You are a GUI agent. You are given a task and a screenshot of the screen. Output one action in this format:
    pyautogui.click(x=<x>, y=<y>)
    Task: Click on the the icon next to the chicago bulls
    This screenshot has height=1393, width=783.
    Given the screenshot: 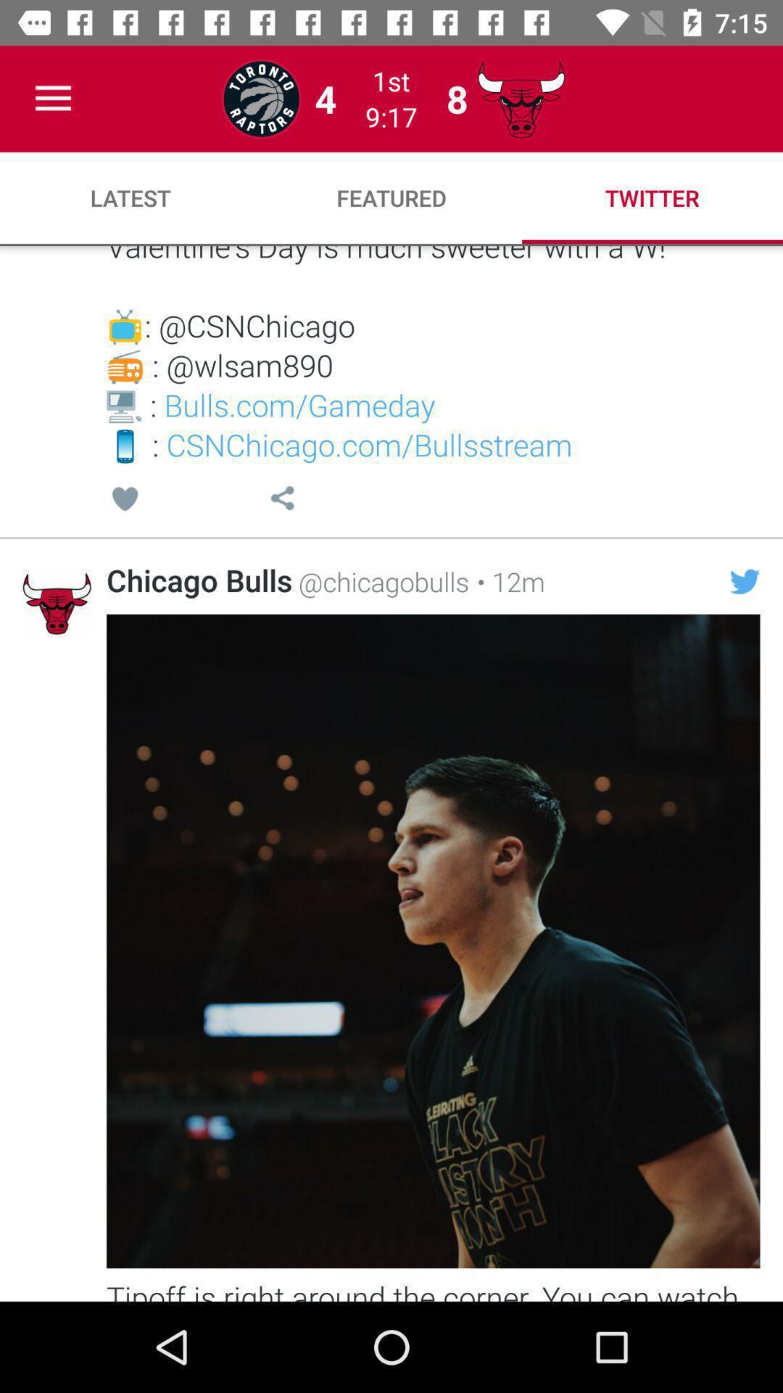 What is the action you would take?
    pyautogui.click(x=380, y=581)
    